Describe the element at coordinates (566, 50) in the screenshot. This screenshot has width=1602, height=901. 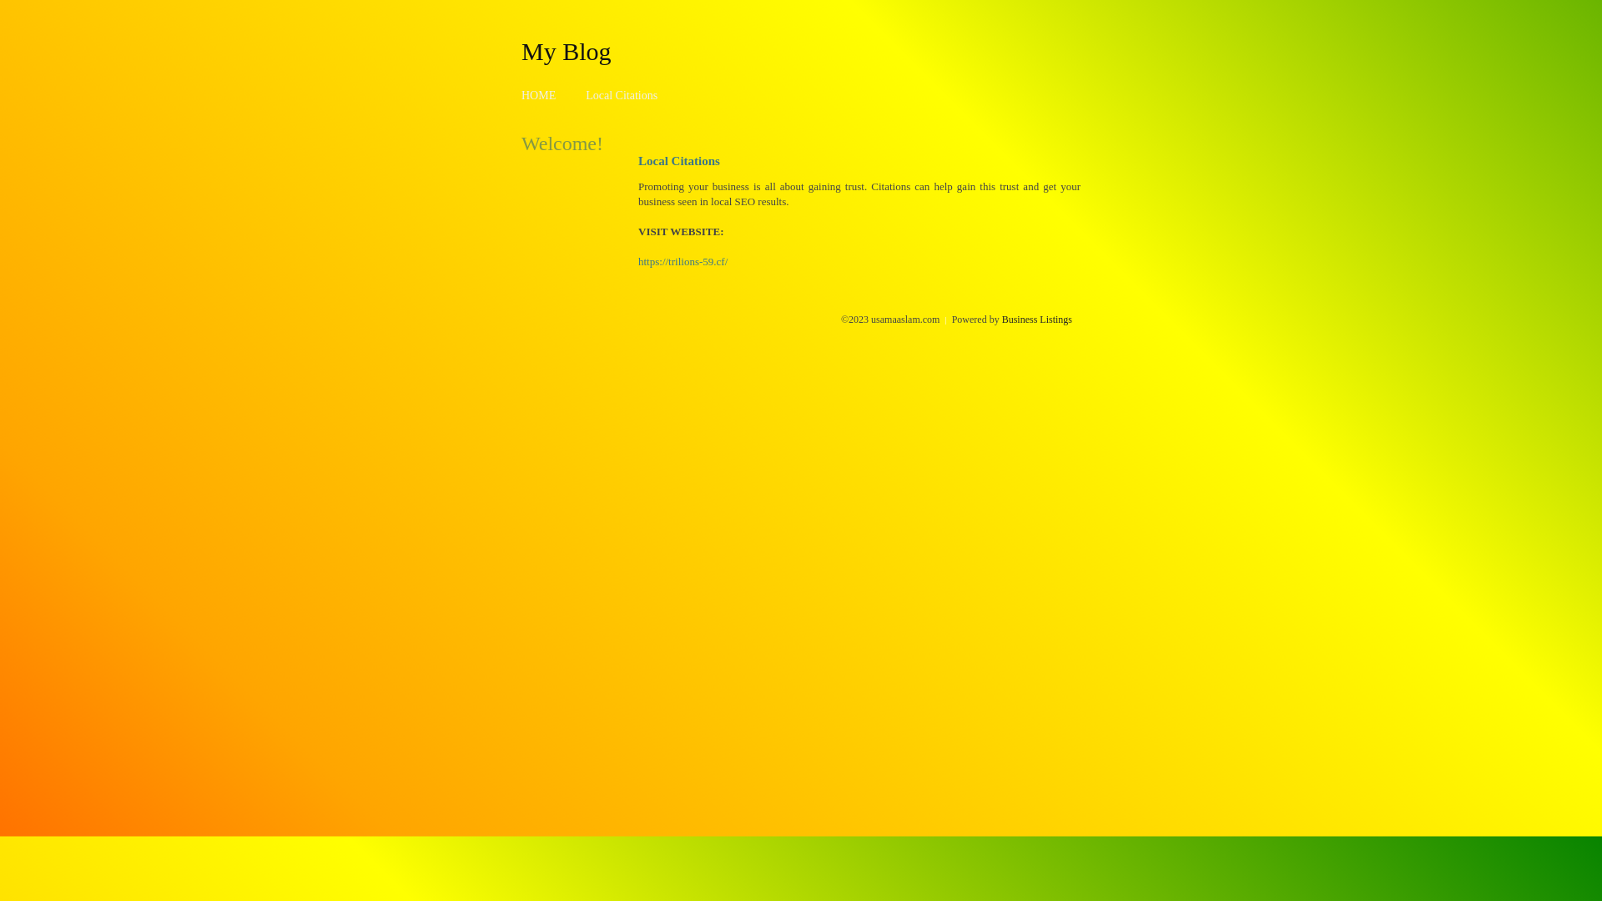
I see `'My Blog'` at that location.